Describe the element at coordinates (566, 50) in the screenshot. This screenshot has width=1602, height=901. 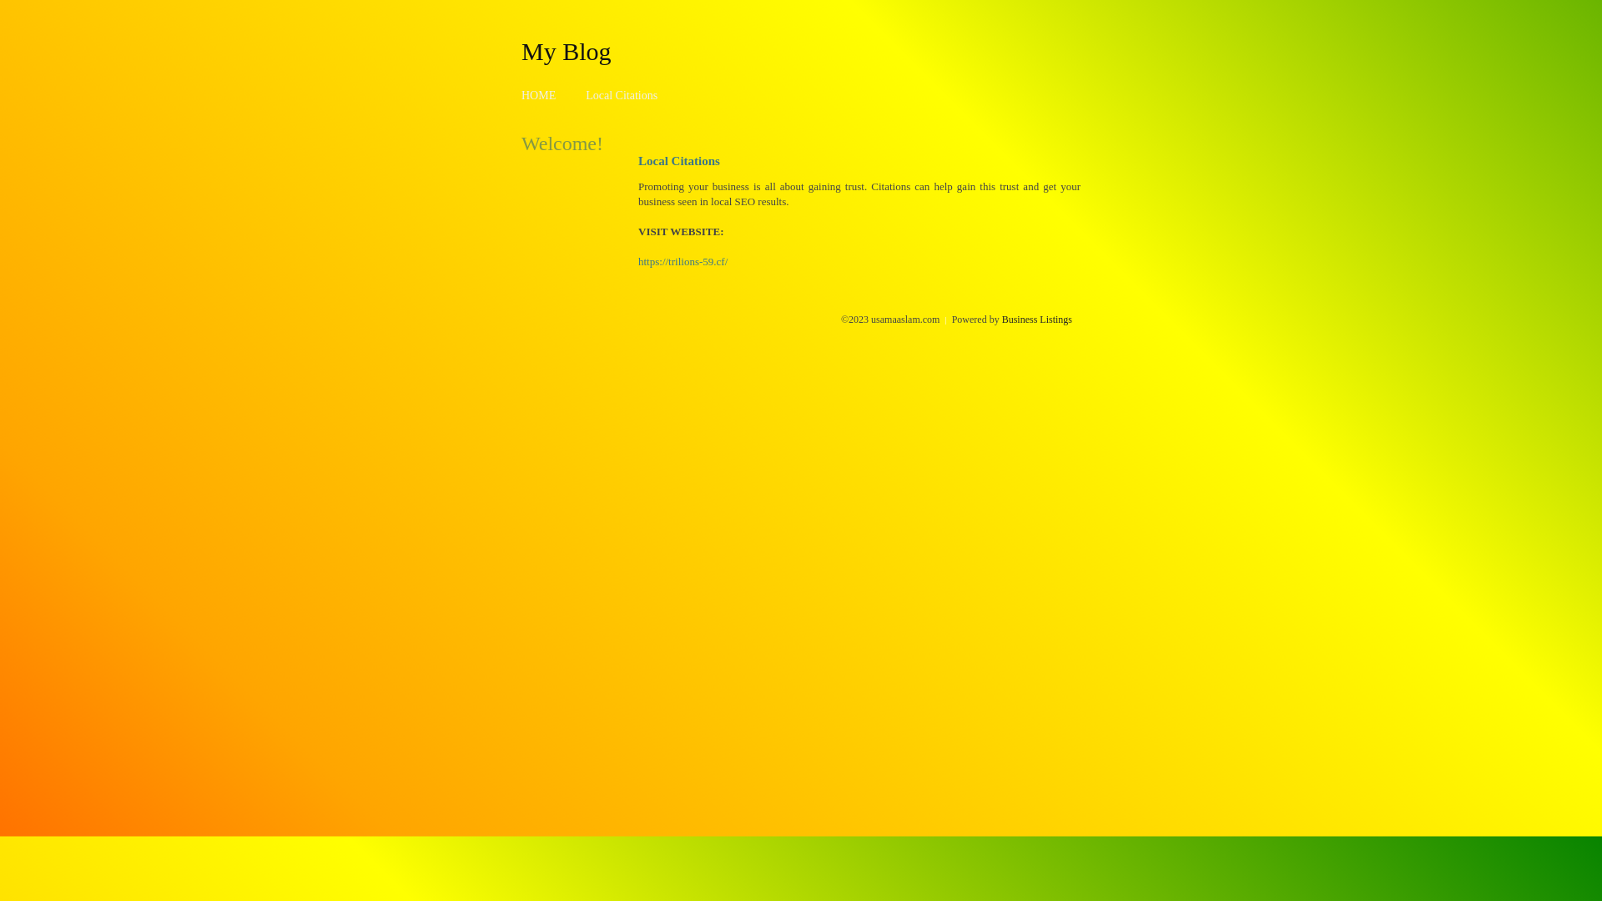
I see `'My Blog'` at that location.